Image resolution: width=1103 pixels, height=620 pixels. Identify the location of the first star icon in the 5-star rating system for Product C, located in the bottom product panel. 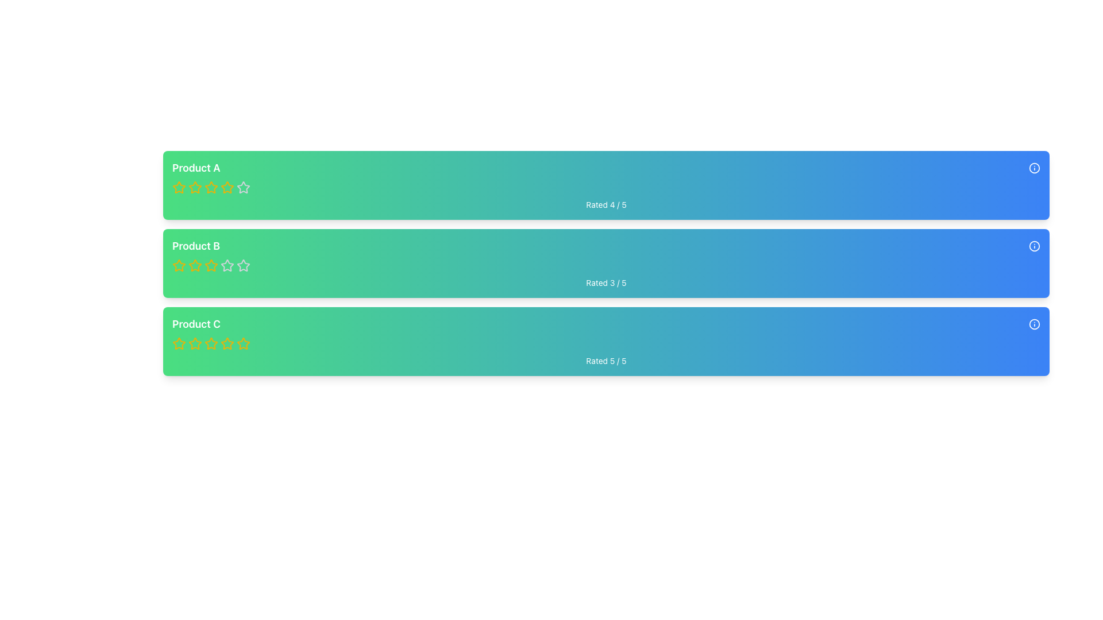
(195, 343).